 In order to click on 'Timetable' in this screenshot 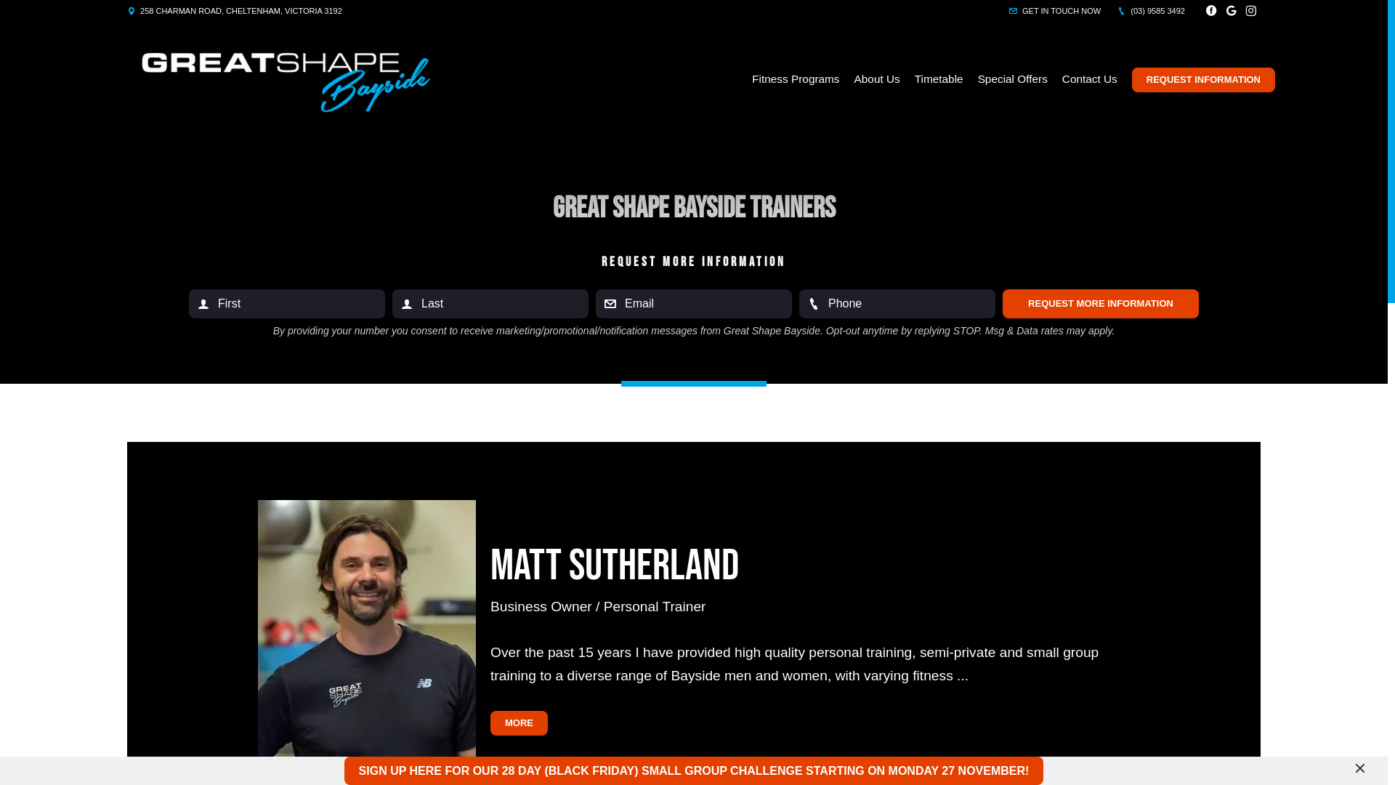, I will do `click(939, 78)`.